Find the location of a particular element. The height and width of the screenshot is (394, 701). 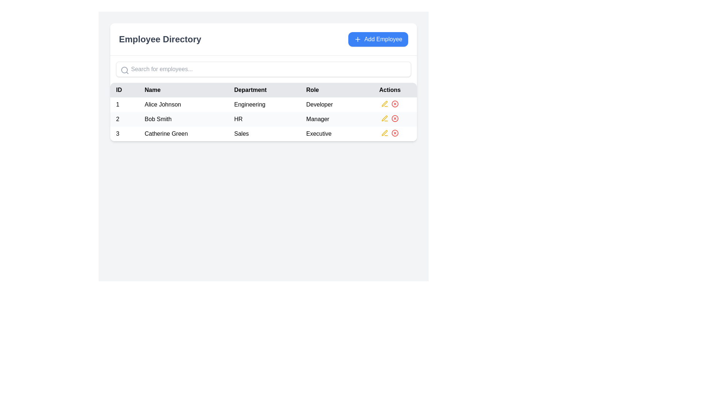

the delete icon in the 'Actions' column of the second row for 'Bob Smith' in the 'Employee Directory' interface is located at coordinates (394, 118).